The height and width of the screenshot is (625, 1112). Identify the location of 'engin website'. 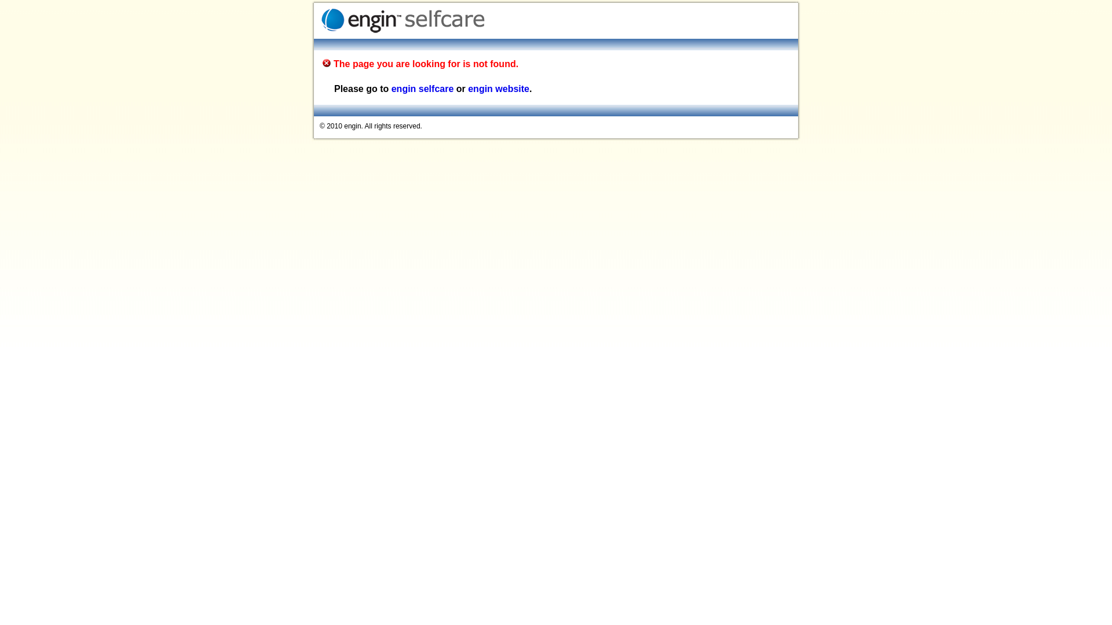
(467, 88).